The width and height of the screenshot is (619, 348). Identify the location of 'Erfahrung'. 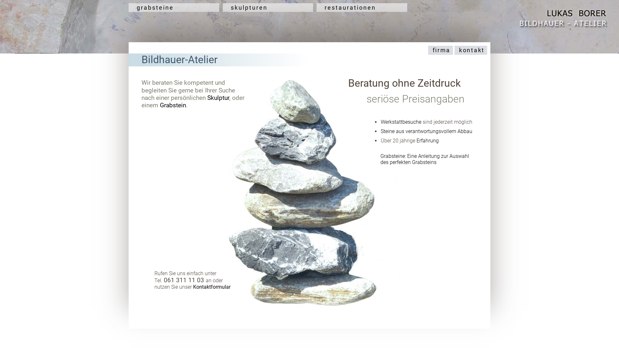
(427, 140).